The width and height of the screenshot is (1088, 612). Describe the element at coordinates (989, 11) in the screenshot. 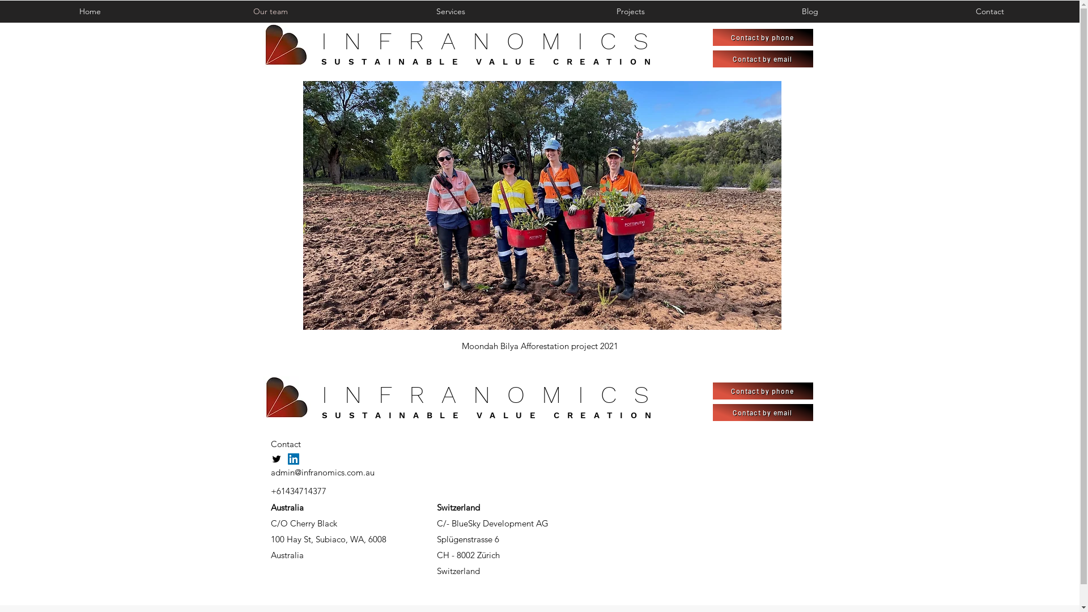

I see `'Contact'` at that location.